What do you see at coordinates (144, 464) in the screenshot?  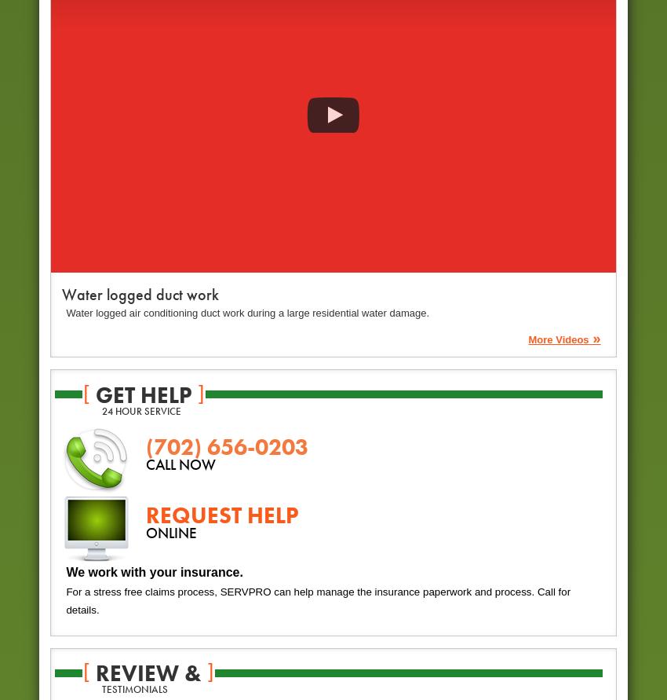 I see `'CALL NOW'` at bounding box center [144, 464].